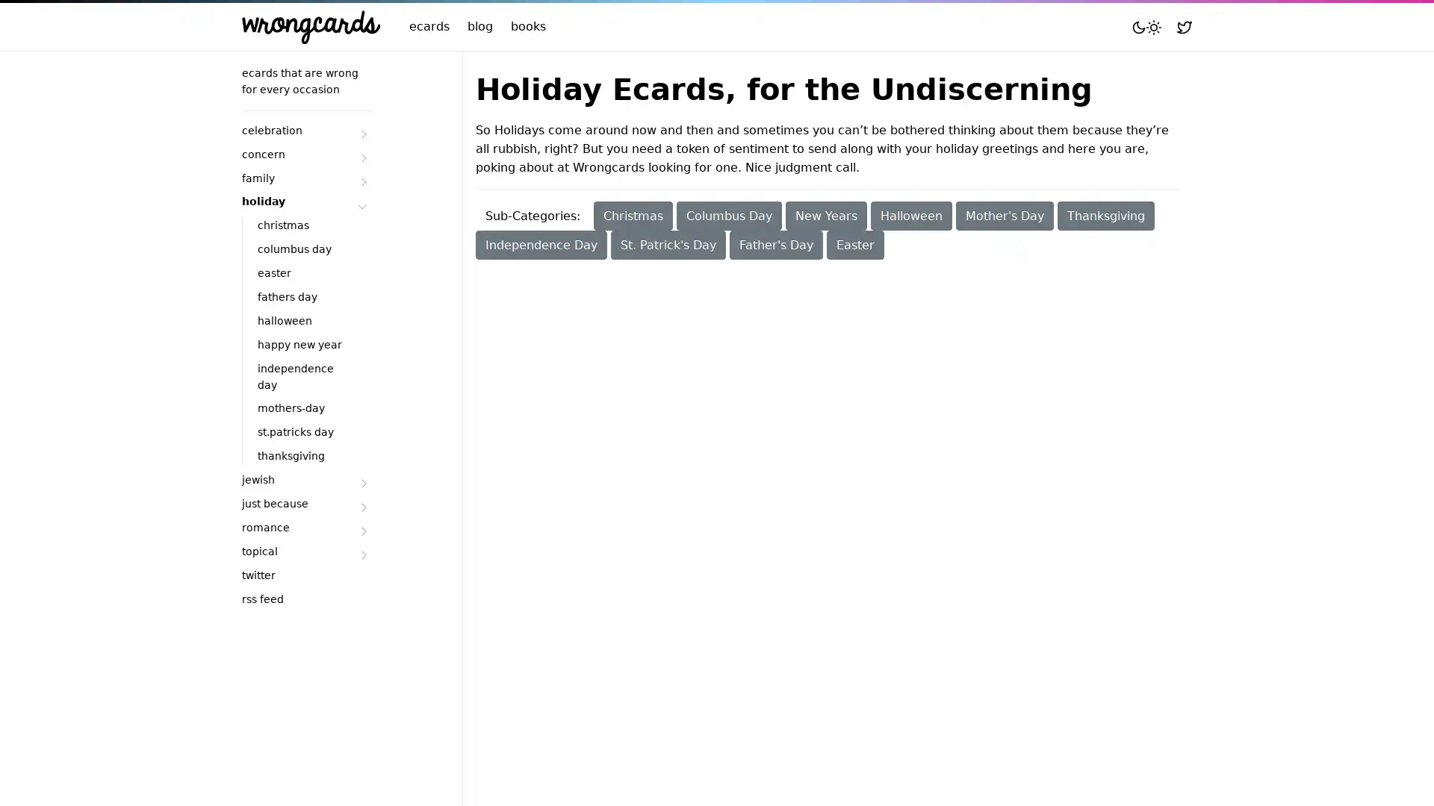 The height and width of the screenshot is (806, 1434). I want to click on Submenu, so click(361, 506).